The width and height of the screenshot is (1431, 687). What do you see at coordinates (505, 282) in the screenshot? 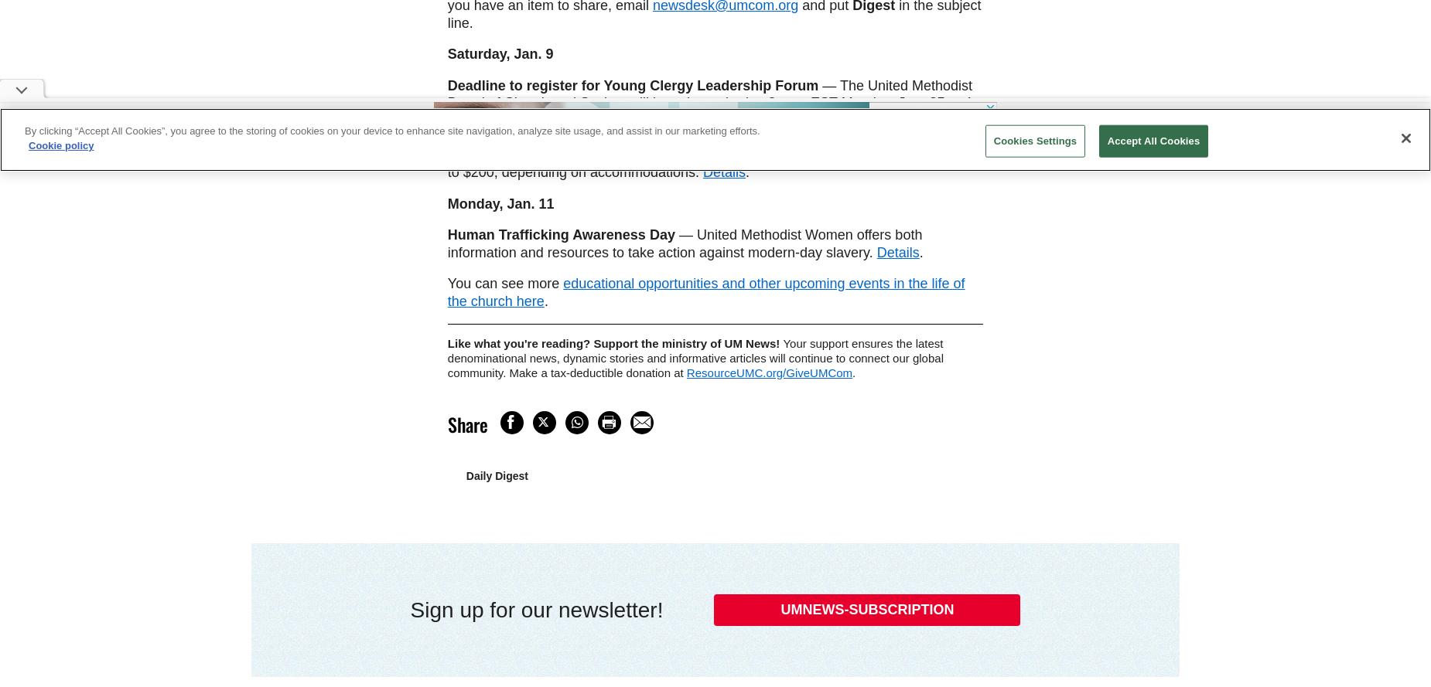
I see `'You can see more'` at bounding box center [505, 282].